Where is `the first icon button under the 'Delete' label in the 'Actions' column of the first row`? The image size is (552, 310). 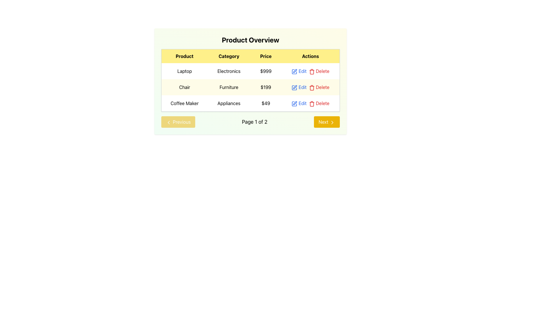 the first icon button under the 'Delete' label in the 'Actions' column of the first row is located at coordinates (311, 71).